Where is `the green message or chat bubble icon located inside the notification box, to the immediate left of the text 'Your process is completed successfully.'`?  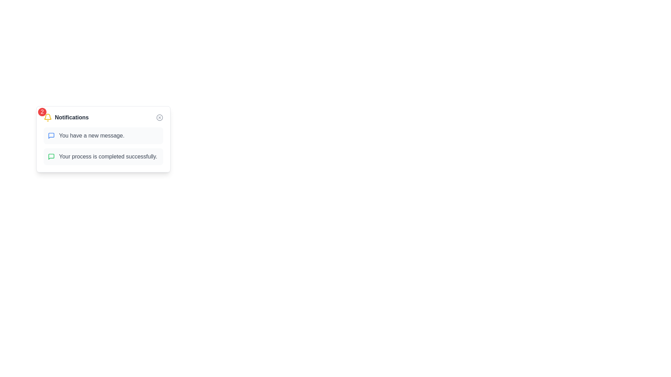
the green message or chat bubble icon located inside the notification box, to the immediate left of the text 'Your process is completed successfully.' is located at coordinates (51, 156).